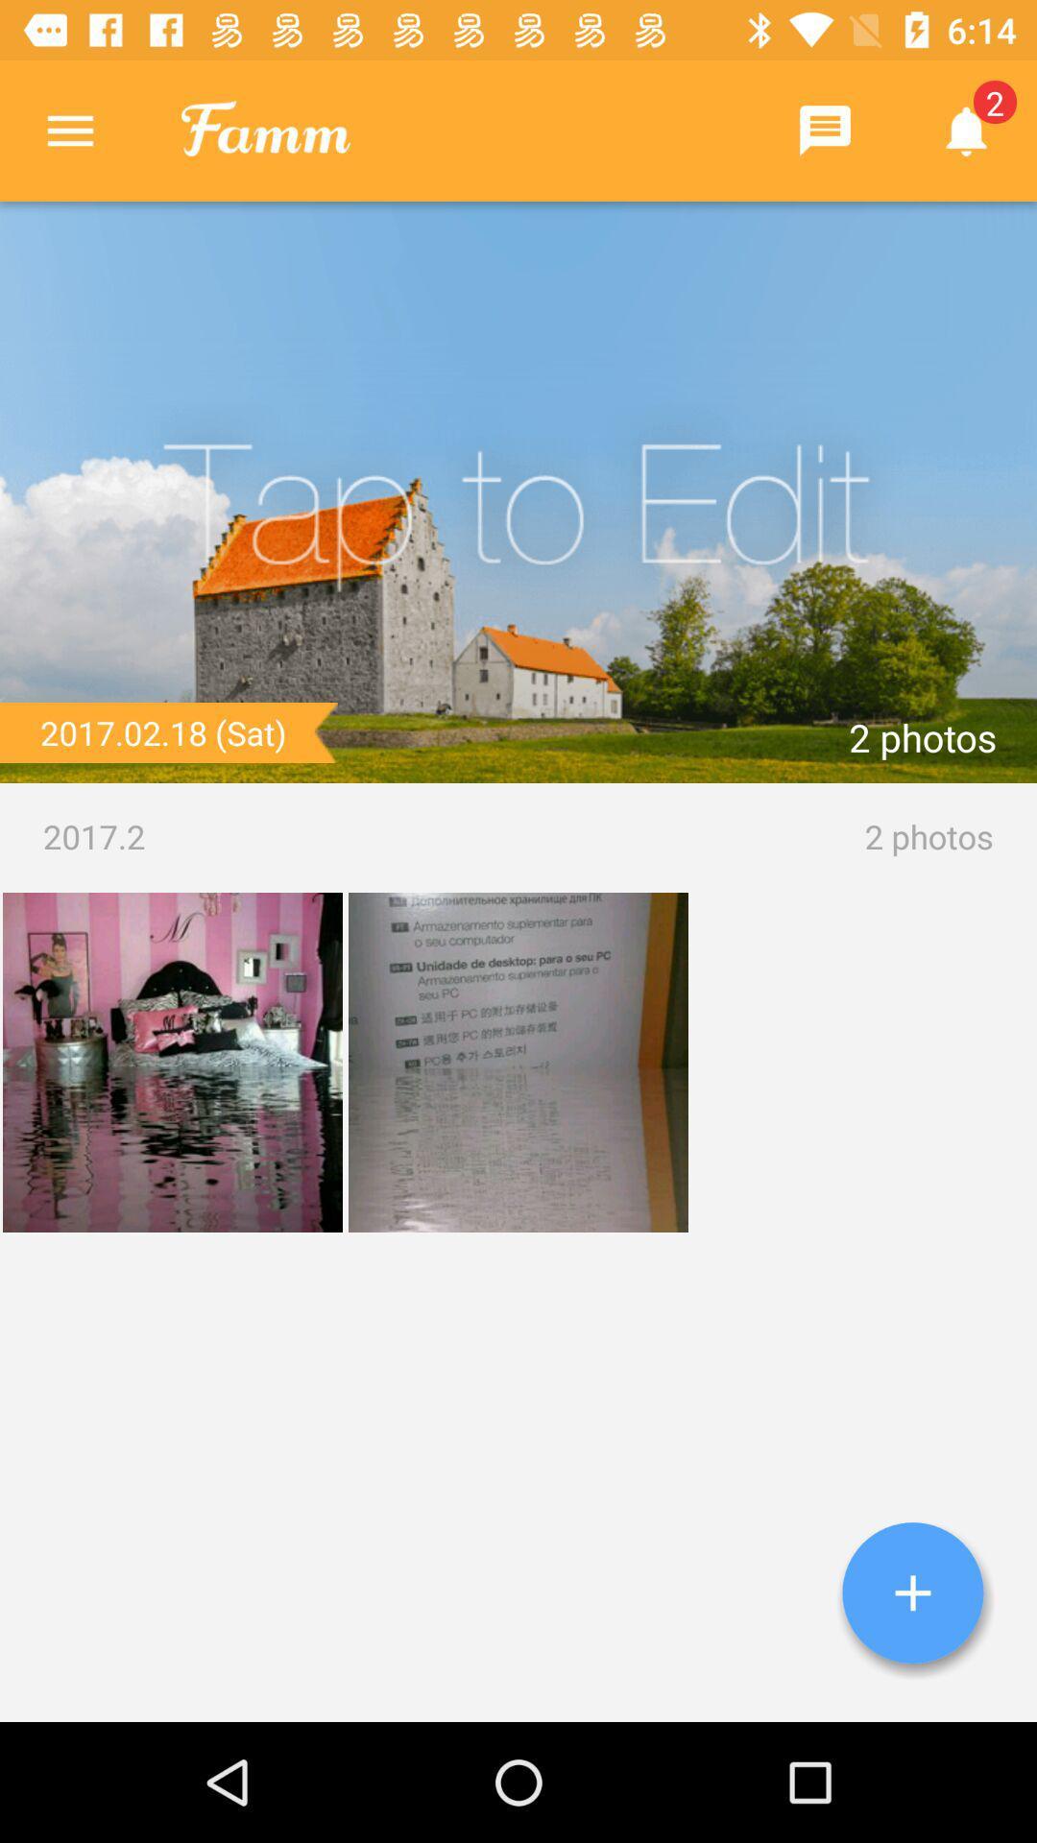  I want to click on profile photo, so click(518, 492).